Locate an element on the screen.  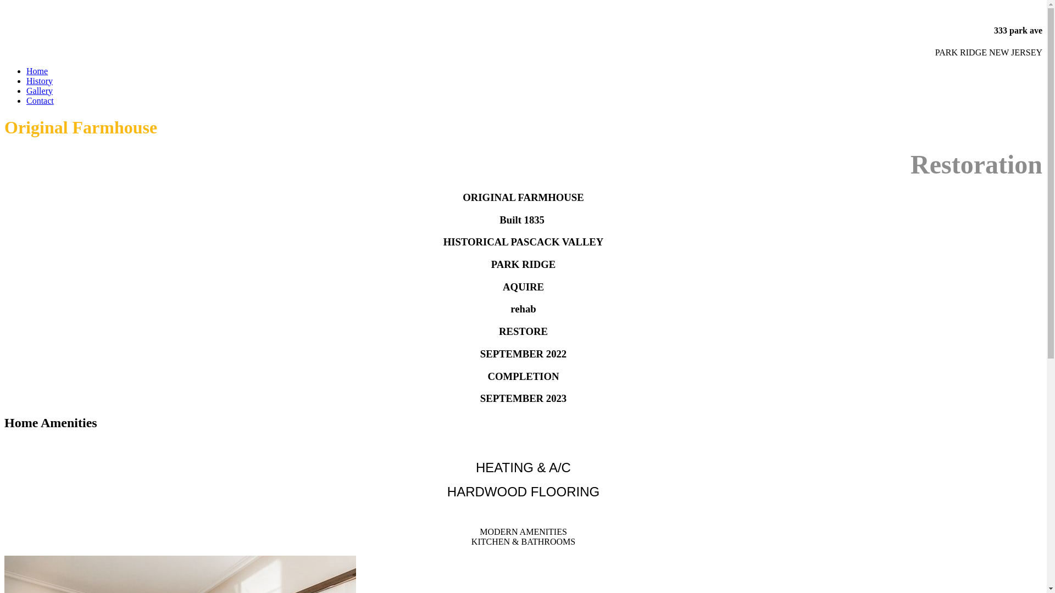
'History' is located at coordinates (40, 80).